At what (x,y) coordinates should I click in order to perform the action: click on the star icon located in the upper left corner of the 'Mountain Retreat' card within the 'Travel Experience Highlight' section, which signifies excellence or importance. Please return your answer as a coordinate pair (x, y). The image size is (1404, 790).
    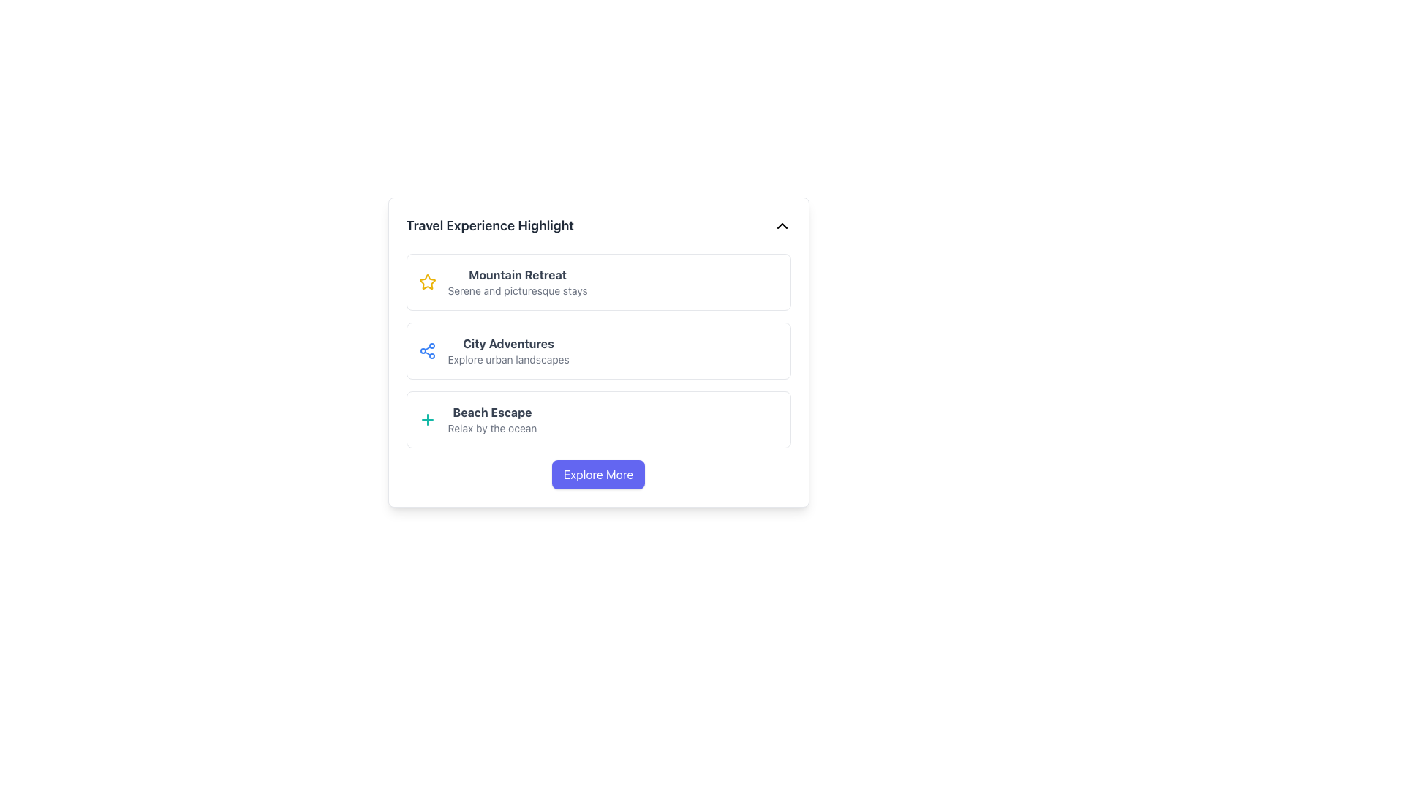
    Looking at the image, I should click on (426, 282).